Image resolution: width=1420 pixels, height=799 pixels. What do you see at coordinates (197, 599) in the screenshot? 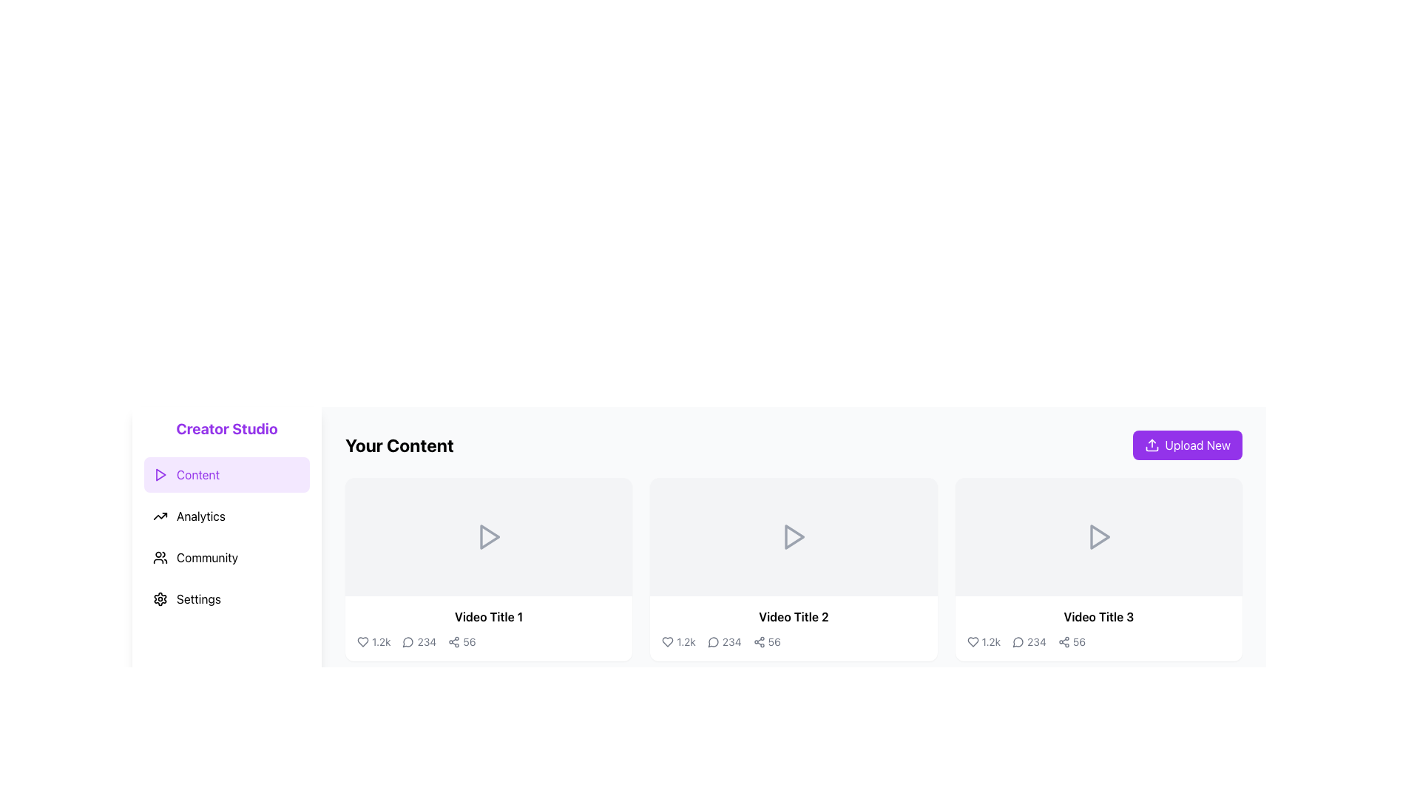
I see `the 'Settings' label in the vertical menu, which is the fourth item below 'Content', 'Analytics', and 'Community', featuring a gear icon` at bounding box center [197, 599].